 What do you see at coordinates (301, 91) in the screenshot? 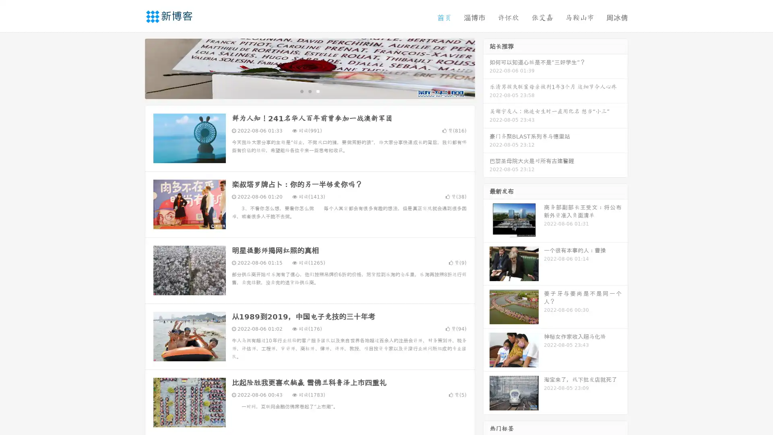
I see `Go to slide 1` at bounding box center [301, 91].